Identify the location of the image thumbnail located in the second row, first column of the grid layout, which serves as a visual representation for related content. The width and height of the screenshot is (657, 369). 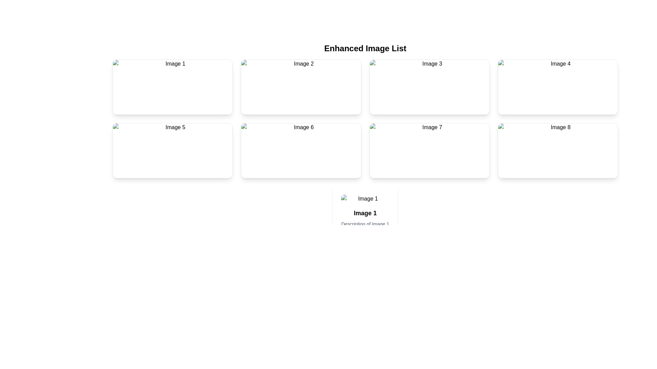
(558, 86).